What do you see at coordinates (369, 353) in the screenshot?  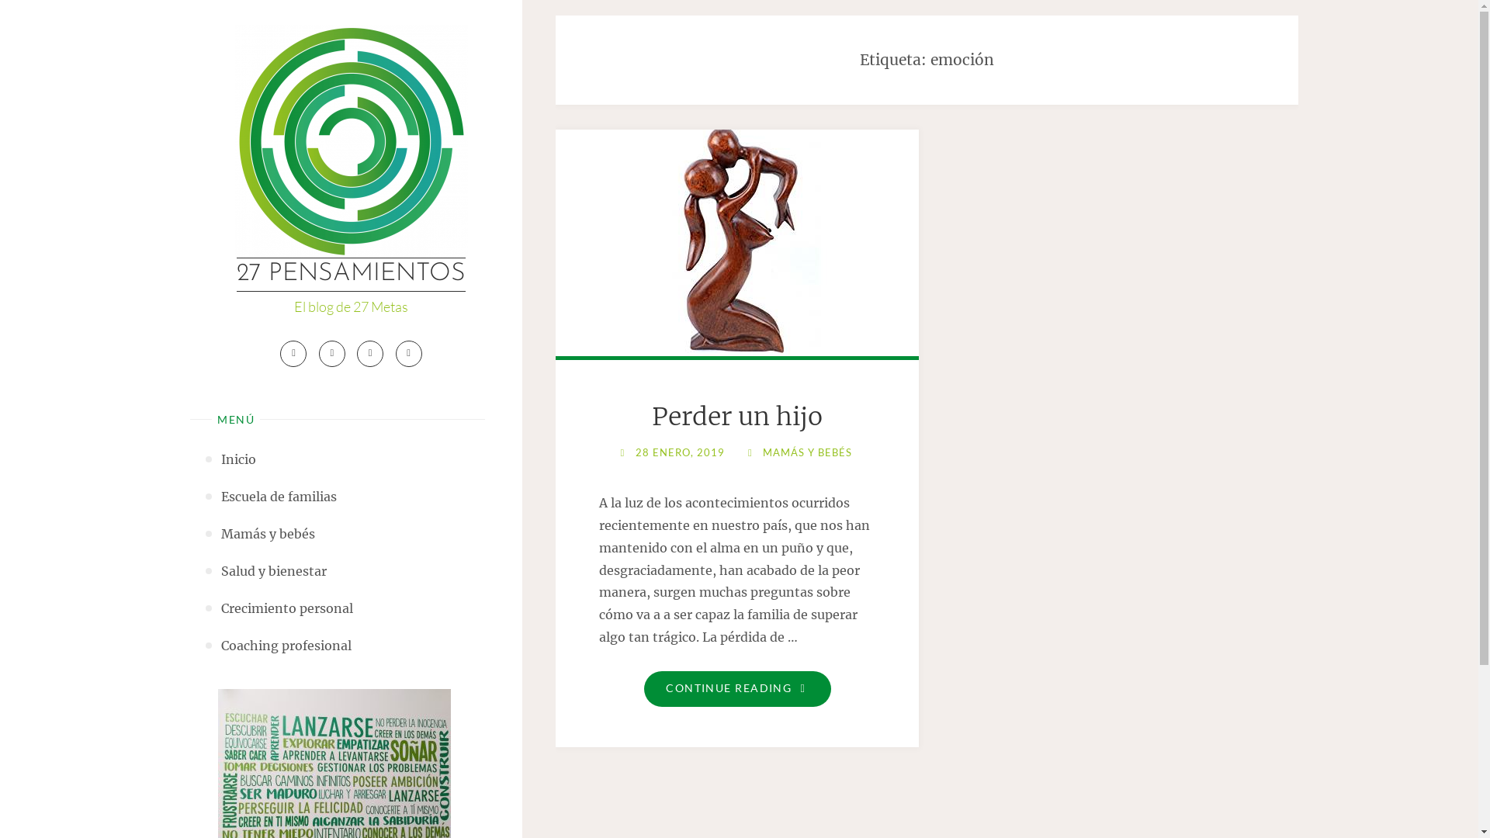 I see `'Linkedin'` at bounding box center [369, 353].